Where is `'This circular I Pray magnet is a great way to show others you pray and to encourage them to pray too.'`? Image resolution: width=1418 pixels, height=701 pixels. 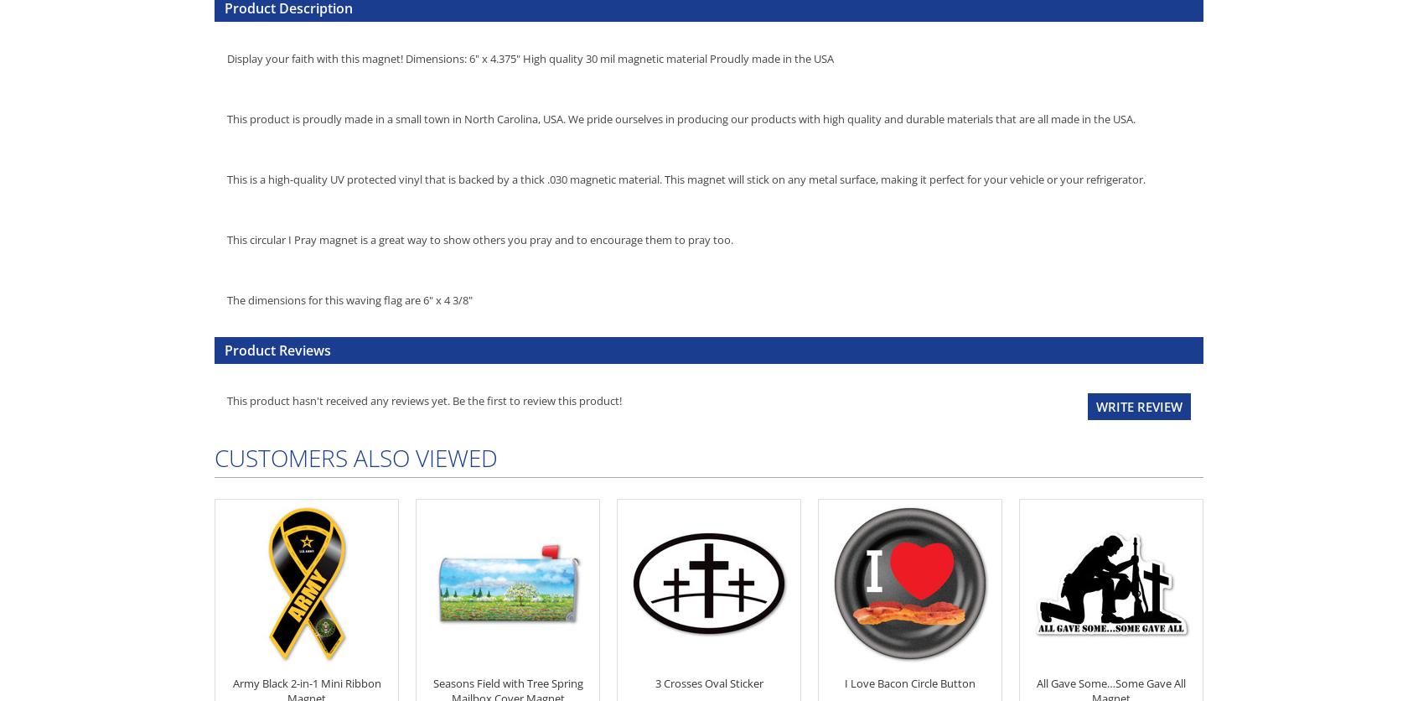 'This circular I Pray magnet is a great way to show others you pray and to encourage them to pray too.' is located at coordinates (479, 238).